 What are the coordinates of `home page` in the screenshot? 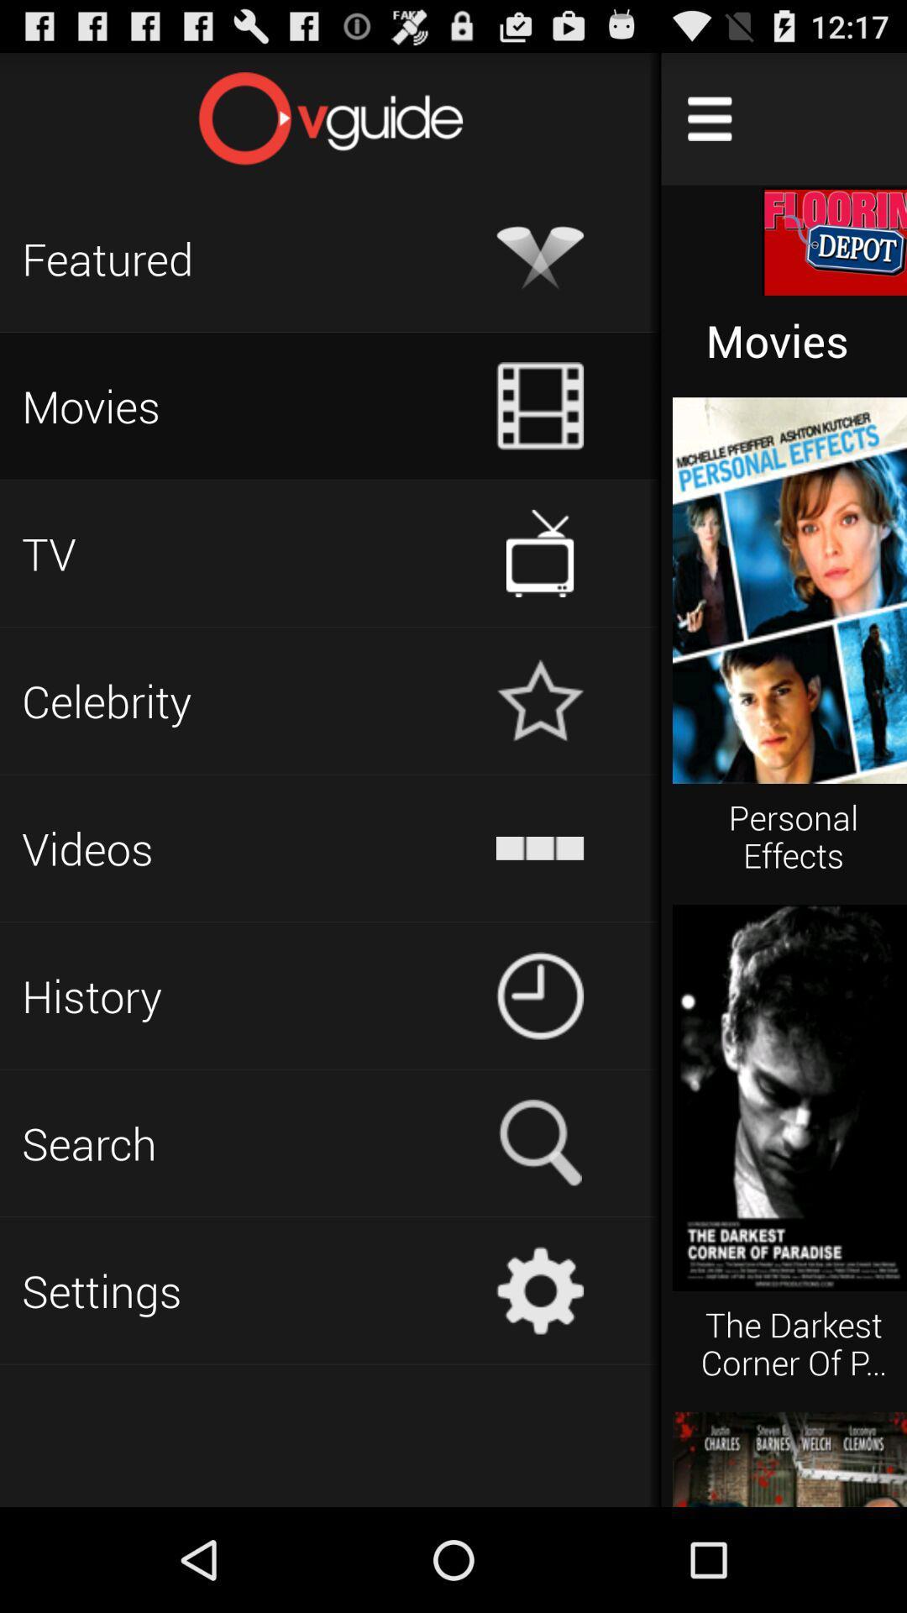 It's located at (330, 118).